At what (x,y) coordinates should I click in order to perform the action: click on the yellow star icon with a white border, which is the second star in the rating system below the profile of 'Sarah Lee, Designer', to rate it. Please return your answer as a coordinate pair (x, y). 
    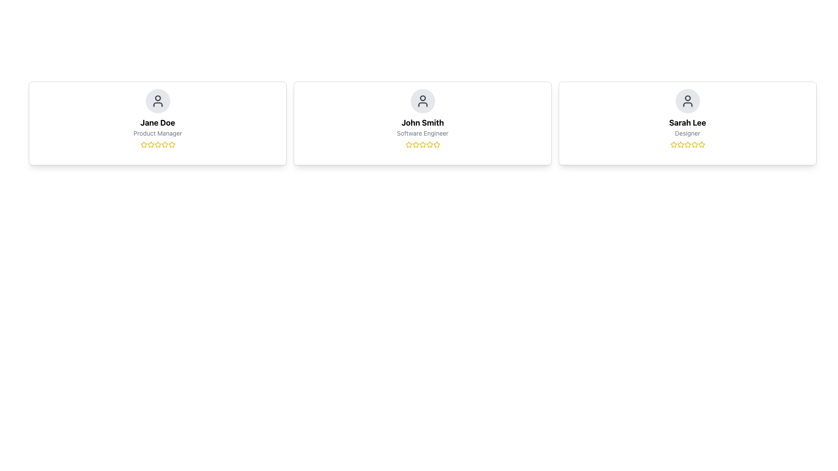
    Looking at the image, I should click on (687, 144).